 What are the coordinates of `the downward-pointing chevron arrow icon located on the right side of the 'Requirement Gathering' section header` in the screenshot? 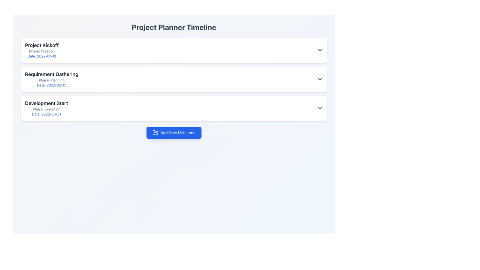 It's located at (320, 79).